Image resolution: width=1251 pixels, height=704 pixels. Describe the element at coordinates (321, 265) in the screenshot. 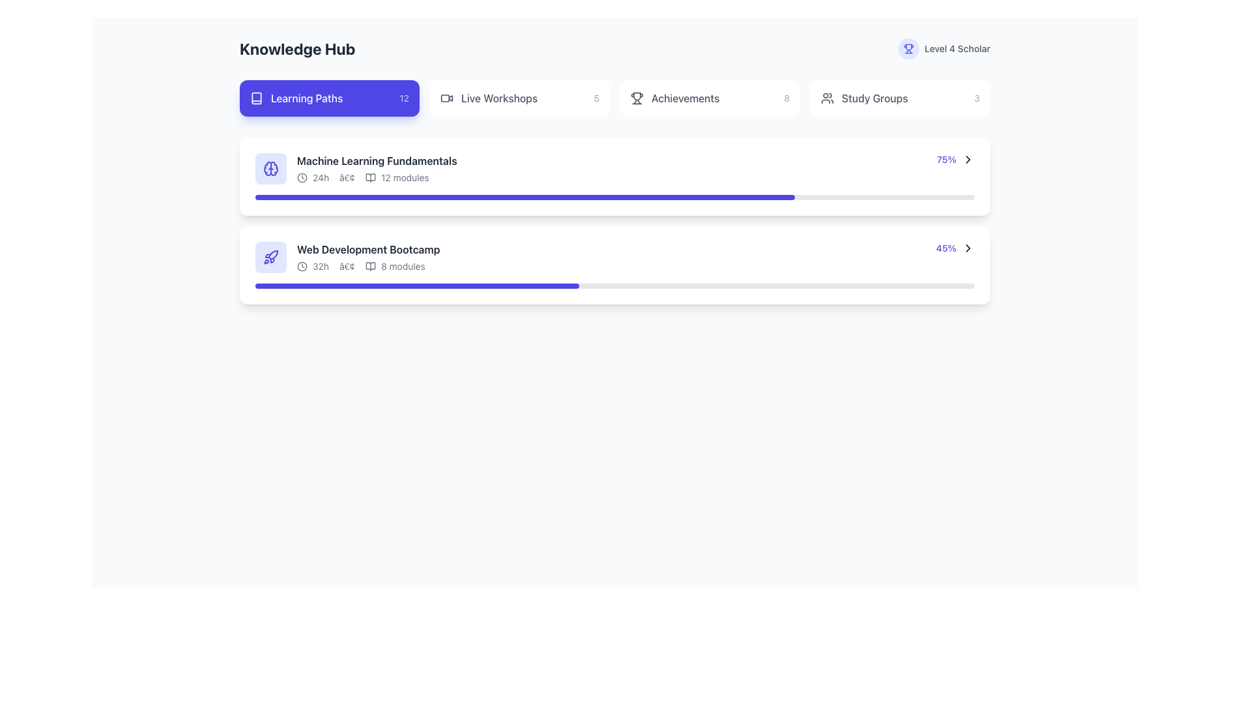

I see `displayed text of the medium dark gray text label showing '32h', which is positioned after the clock icon and before the bullet point in the second course item ('Web Development Bootcamp')` at that location.